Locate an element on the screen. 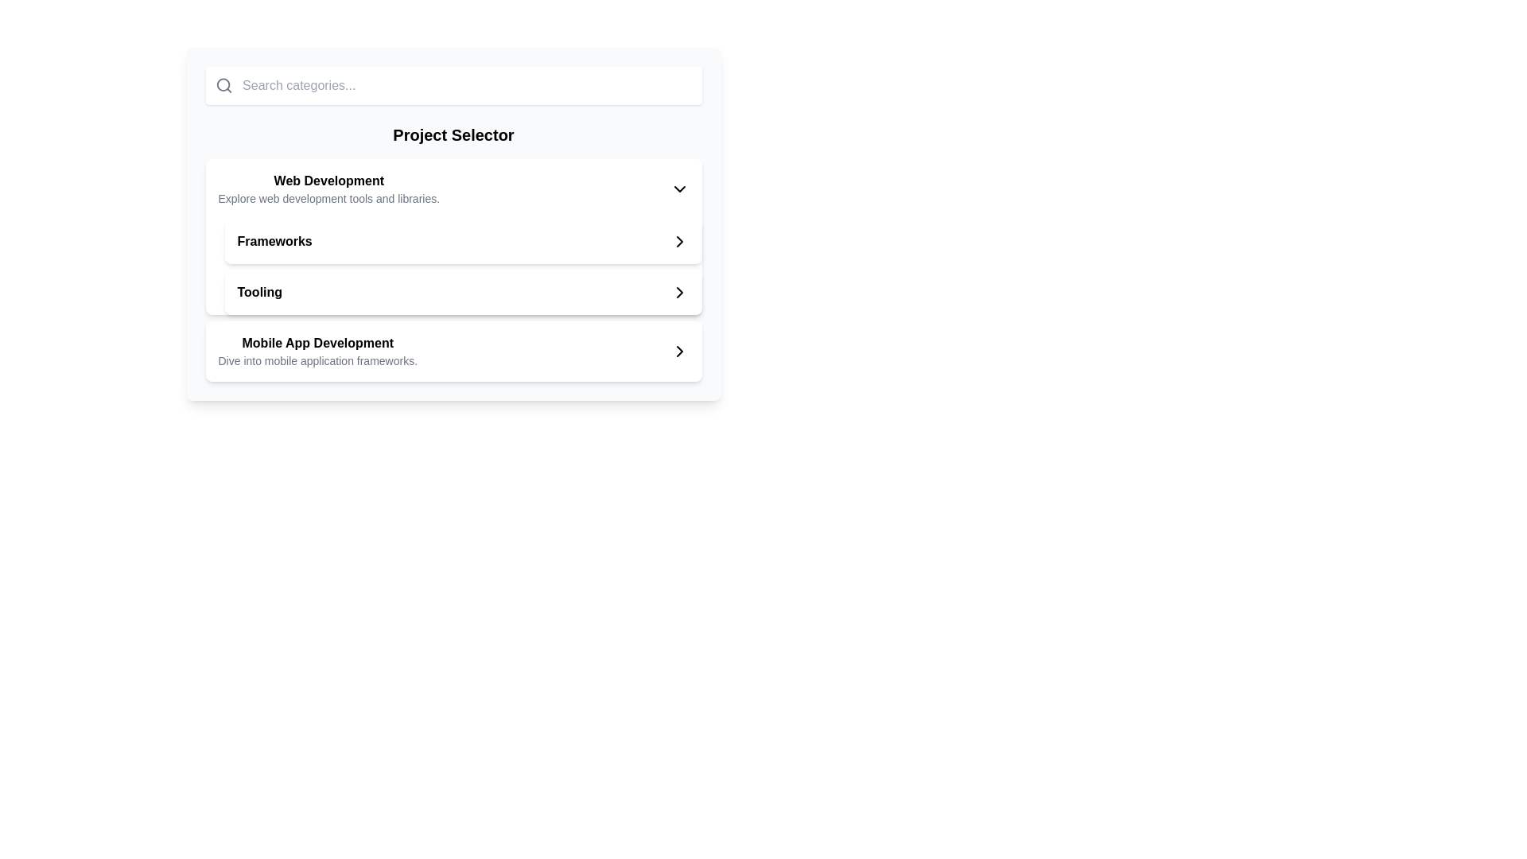  the rightward-pointing chevron icon located at the far right of the 'Mobile App Development' row in the 'Project Selector' list is located at coordinates (679, 351).